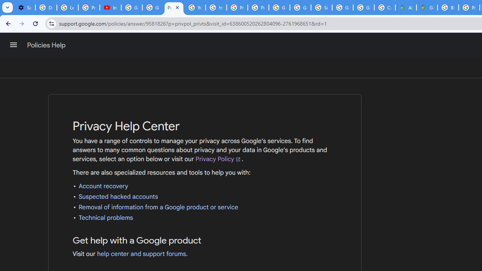  What do you see at coordinates (141, 254) in the screenshot?
I see `'help center and support forums'` at bounding box center [141, 254].